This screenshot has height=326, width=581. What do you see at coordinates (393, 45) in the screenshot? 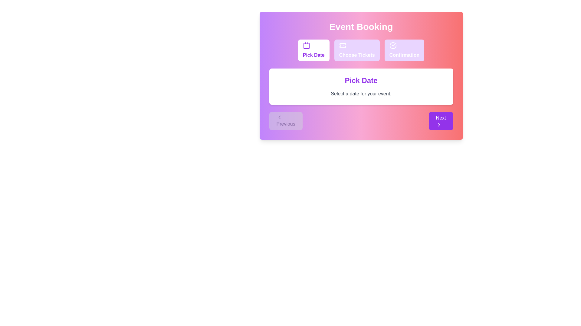
I see `the circular check icon with a centered tick mark, which is part of the 'Confirmation' button under the 'Event Booking' heading` at bounding box center [393, 45].